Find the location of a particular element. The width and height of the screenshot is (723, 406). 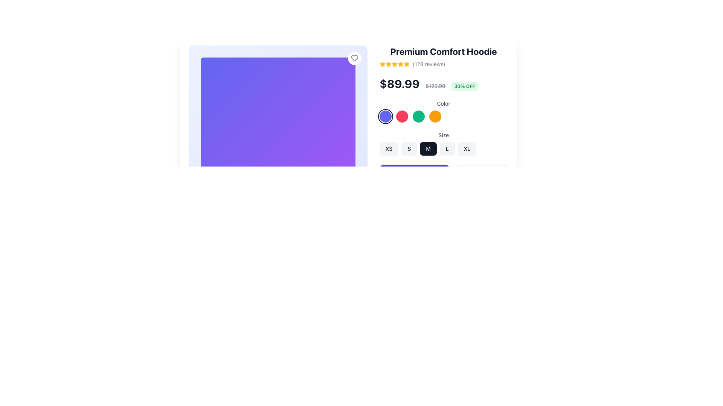

the last amber-yellow star icon in the rating component is located at coordinates (406, 64).